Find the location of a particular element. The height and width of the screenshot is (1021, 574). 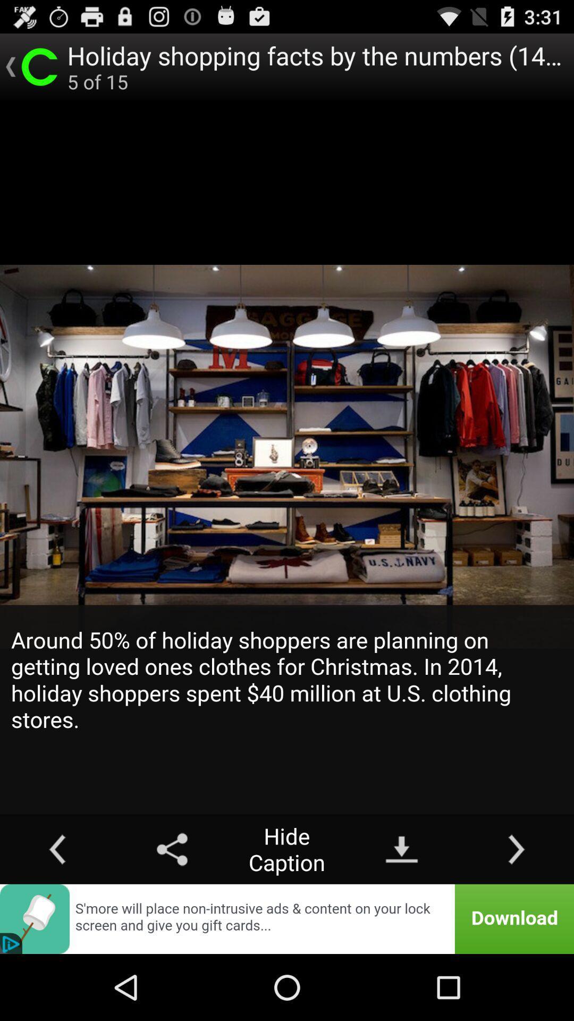

the icon below 5 of 15 icon is located at coordinates (287, 709).